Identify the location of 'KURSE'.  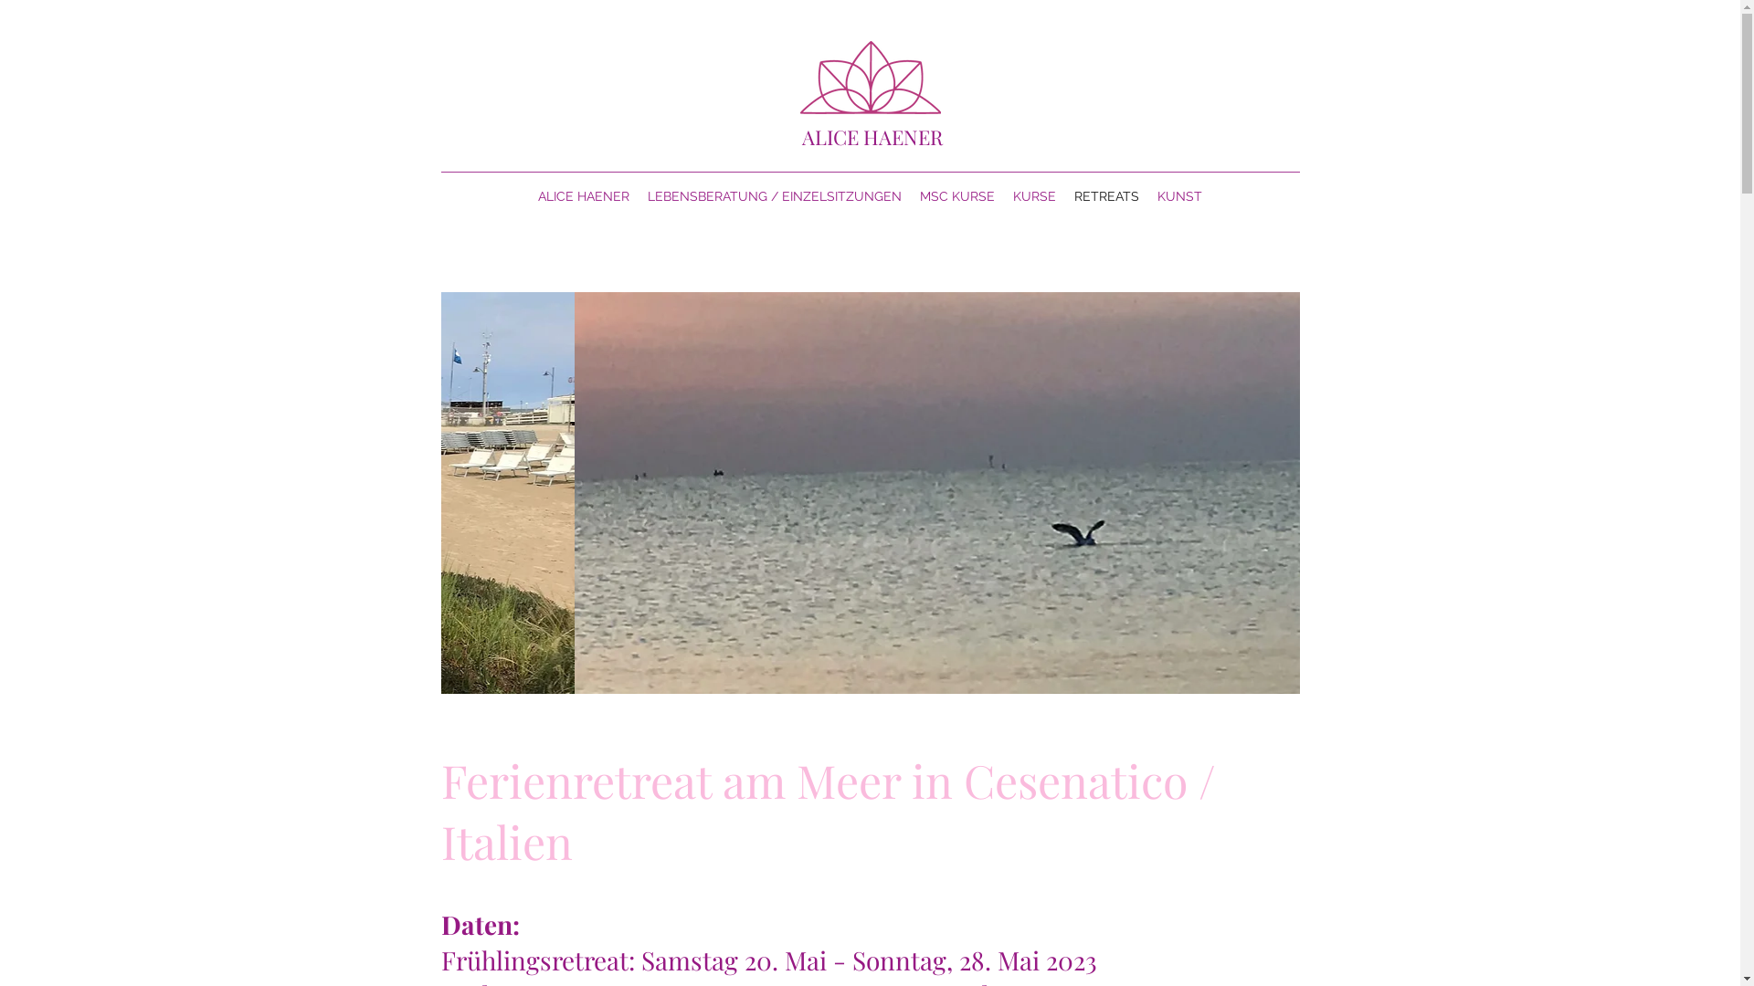
(1034, 196).